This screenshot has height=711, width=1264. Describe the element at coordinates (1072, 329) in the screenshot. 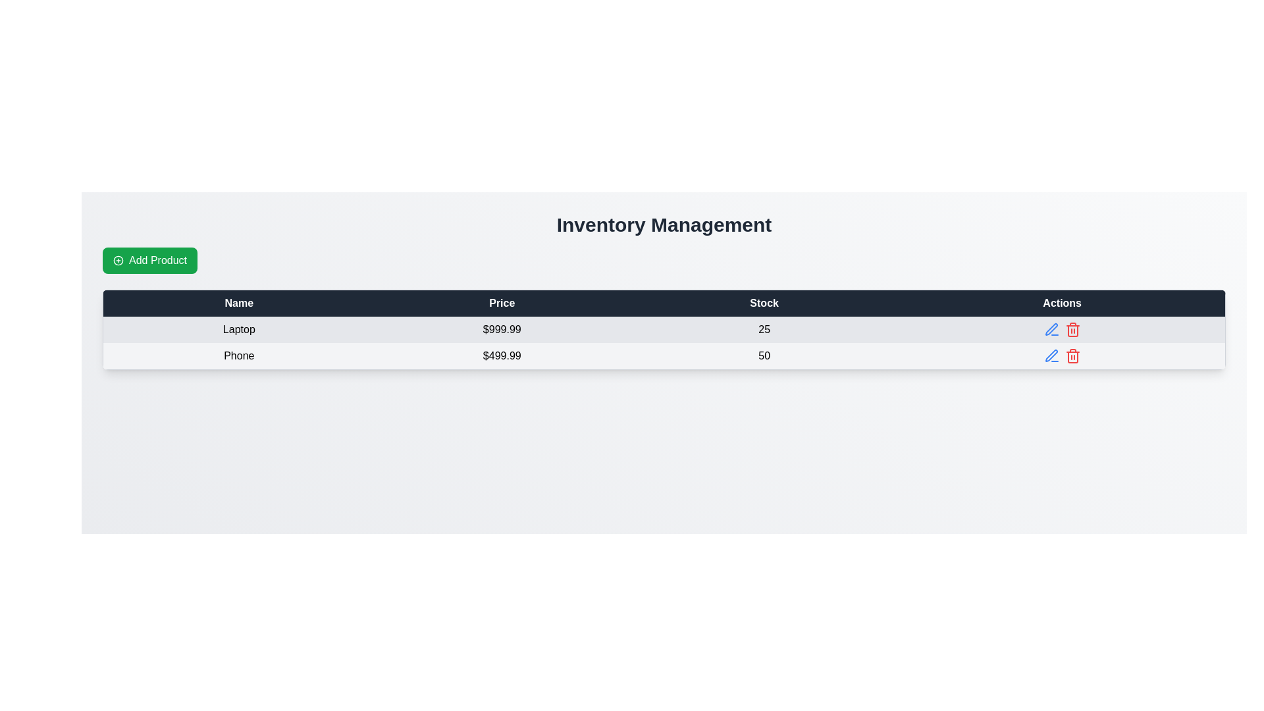

I see `the red trash can icon button` at that location.